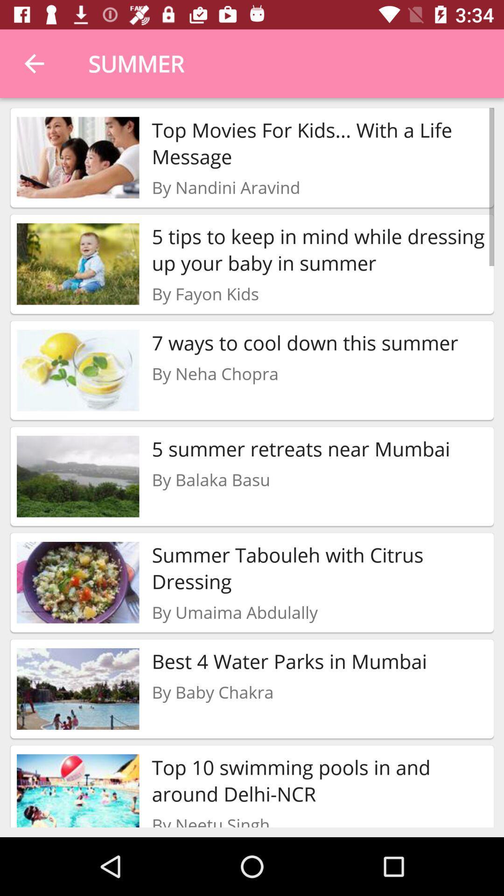 This screenshot has height=896, width=504. What do you see at coordinates (212, 692) in the screenshot?
I see `item below the best 4 water item` at bounding box center [212, 692].